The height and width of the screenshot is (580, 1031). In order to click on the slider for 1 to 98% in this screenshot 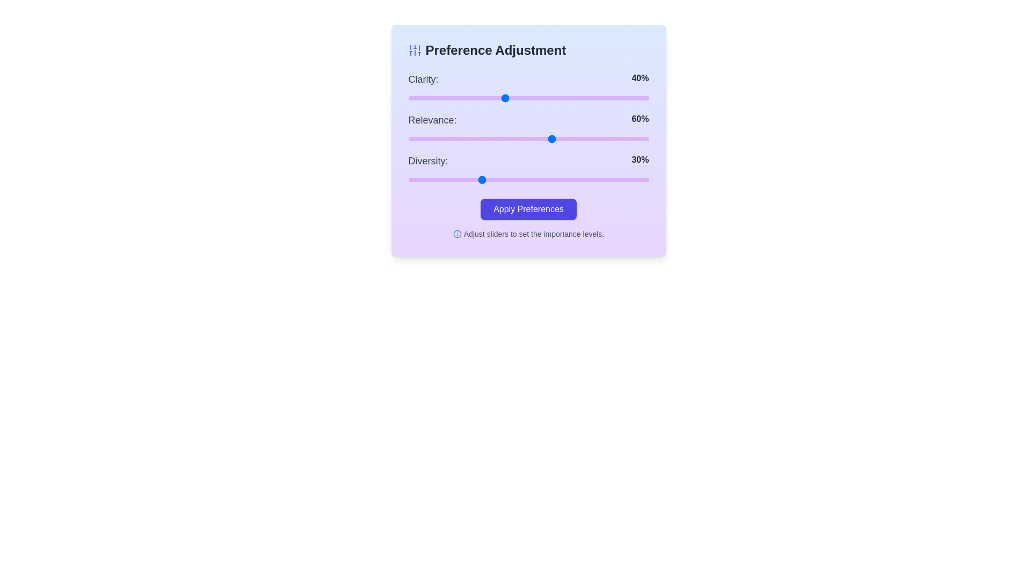, I will do `click(644, 138)`.